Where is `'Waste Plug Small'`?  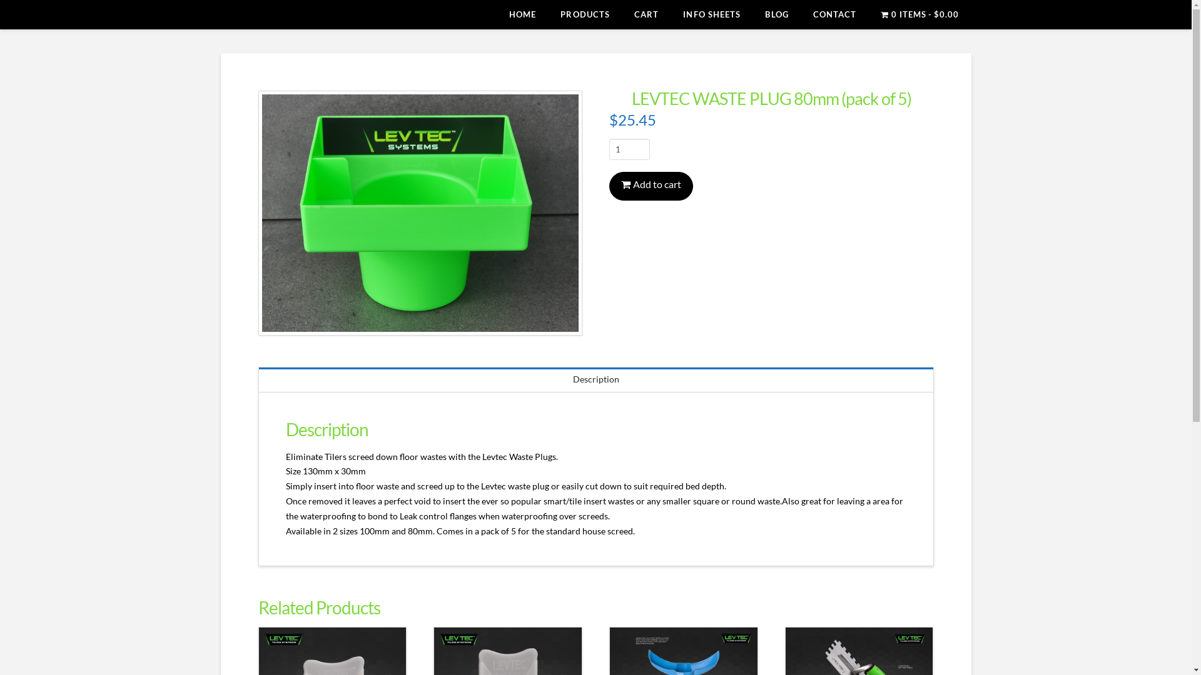 'Waste Plug Small' is located at coordinates (257, 212).